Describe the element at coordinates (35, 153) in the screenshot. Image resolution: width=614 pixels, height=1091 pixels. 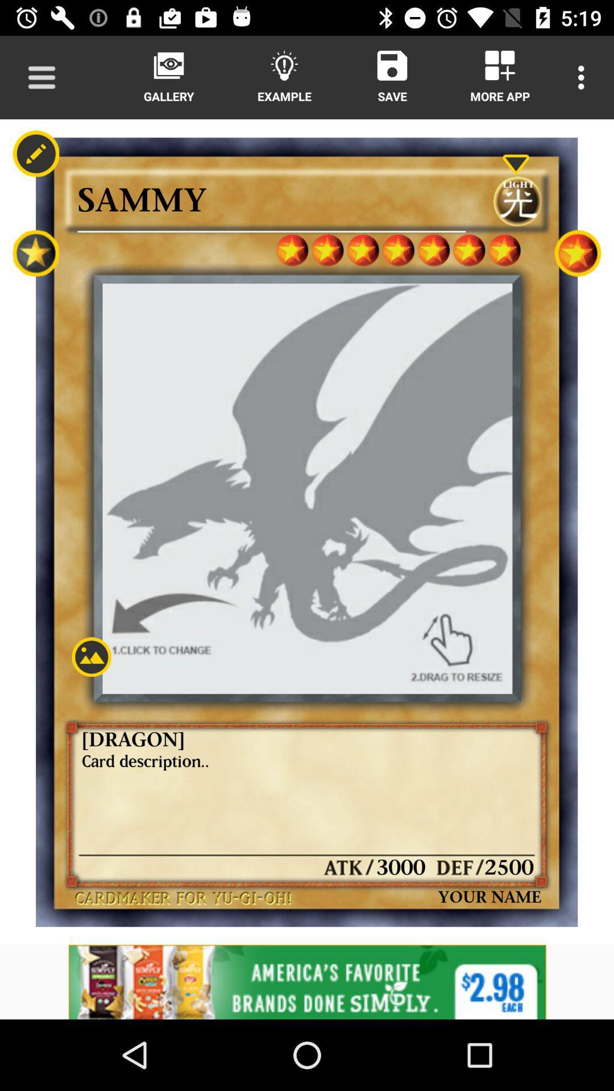
I see `edit name` at that location.